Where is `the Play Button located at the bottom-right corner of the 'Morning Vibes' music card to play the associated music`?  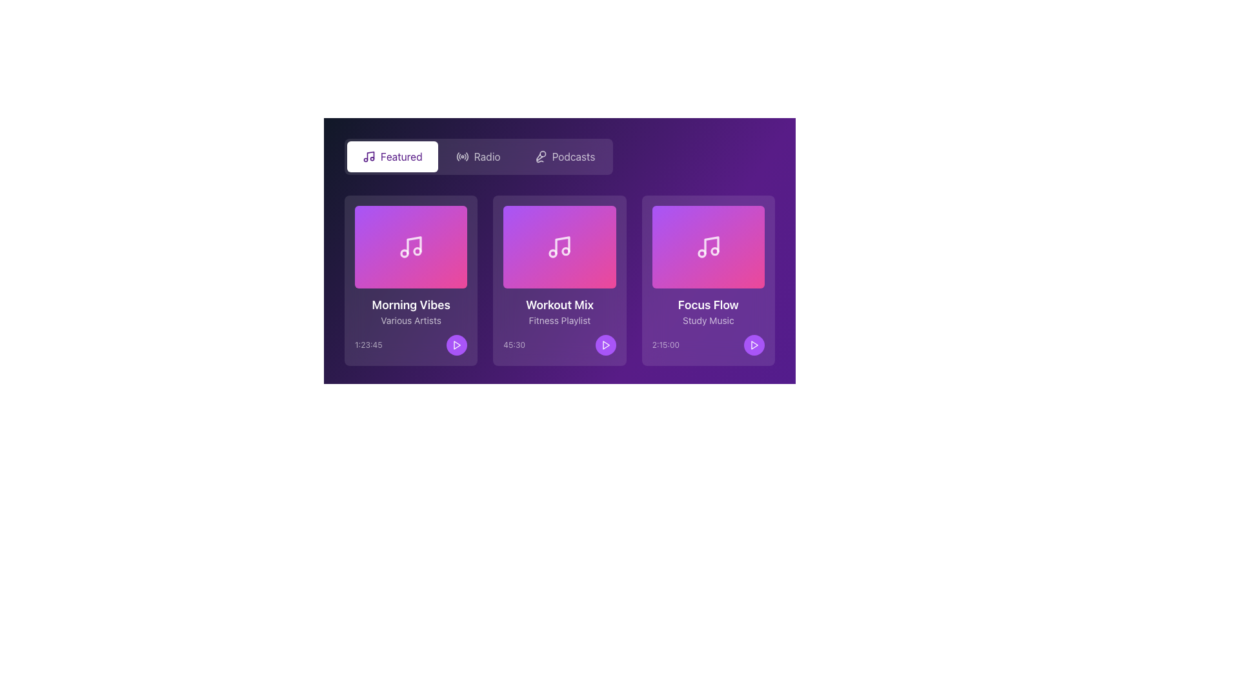 the Play Button located at the bottom-right corner of the 'Morning Vibes' music card to play the associated music is located at coordinates (458, 345).